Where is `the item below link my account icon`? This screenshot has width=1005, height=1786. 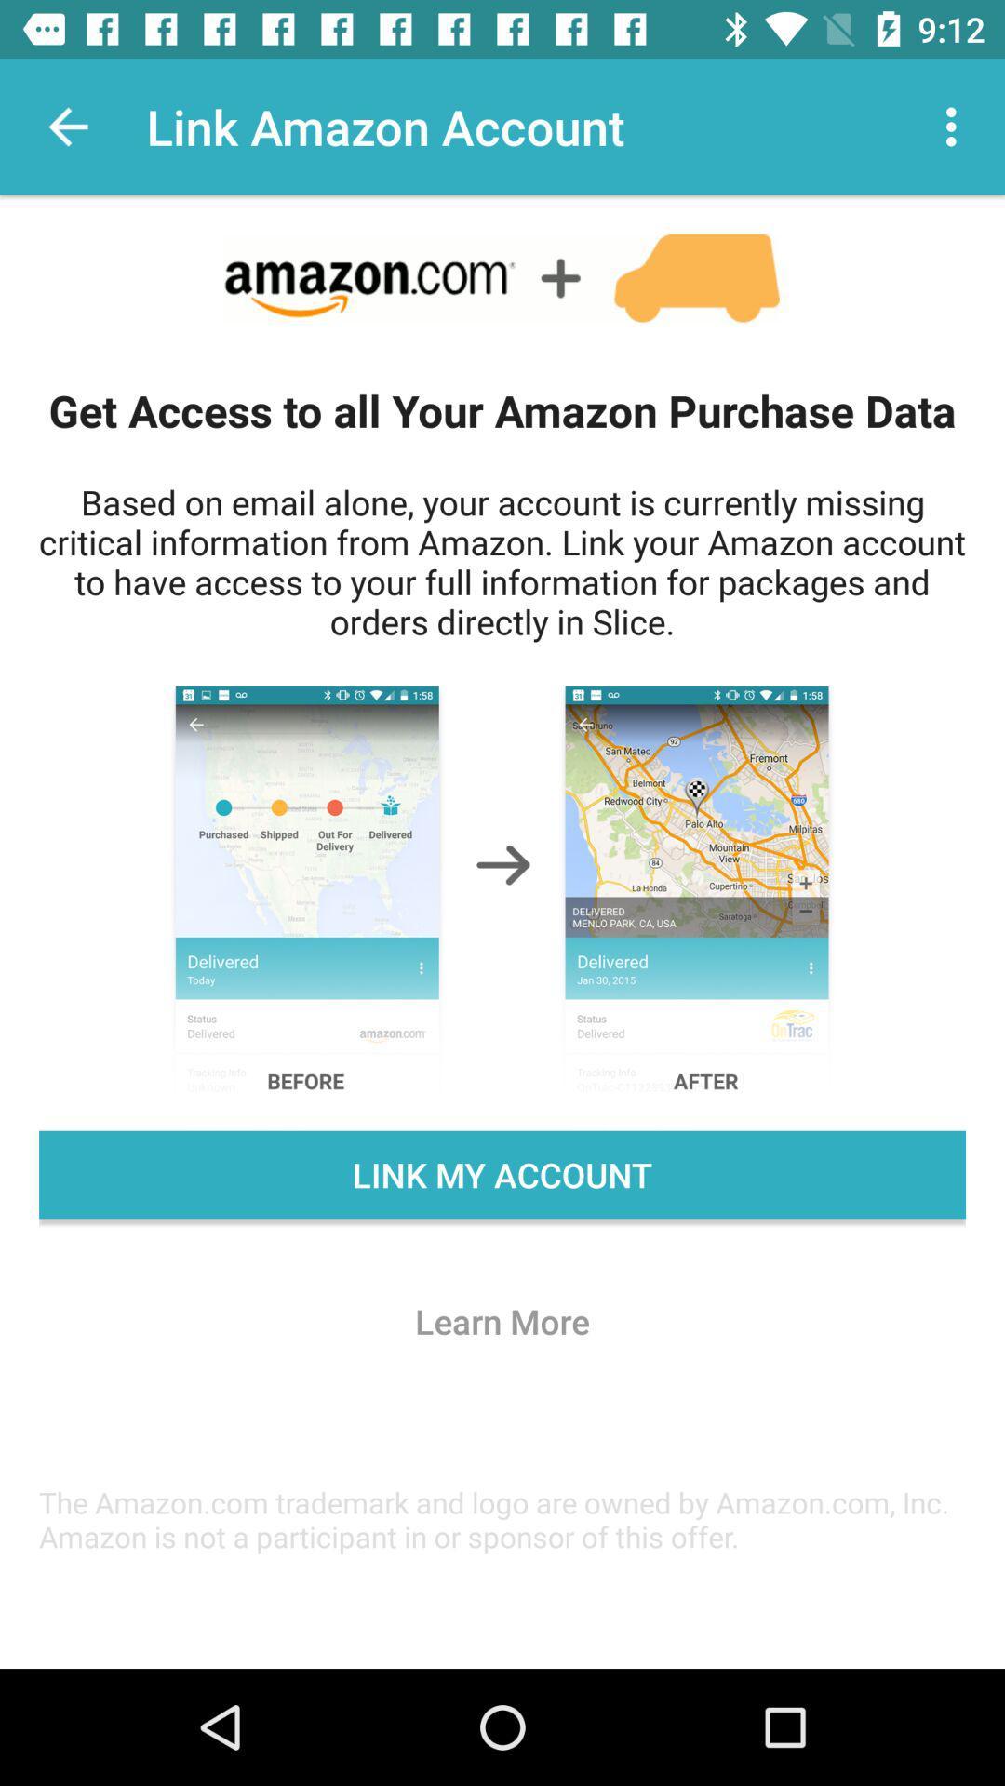 the item below link my account icon is located at coordinates (502, 1320).